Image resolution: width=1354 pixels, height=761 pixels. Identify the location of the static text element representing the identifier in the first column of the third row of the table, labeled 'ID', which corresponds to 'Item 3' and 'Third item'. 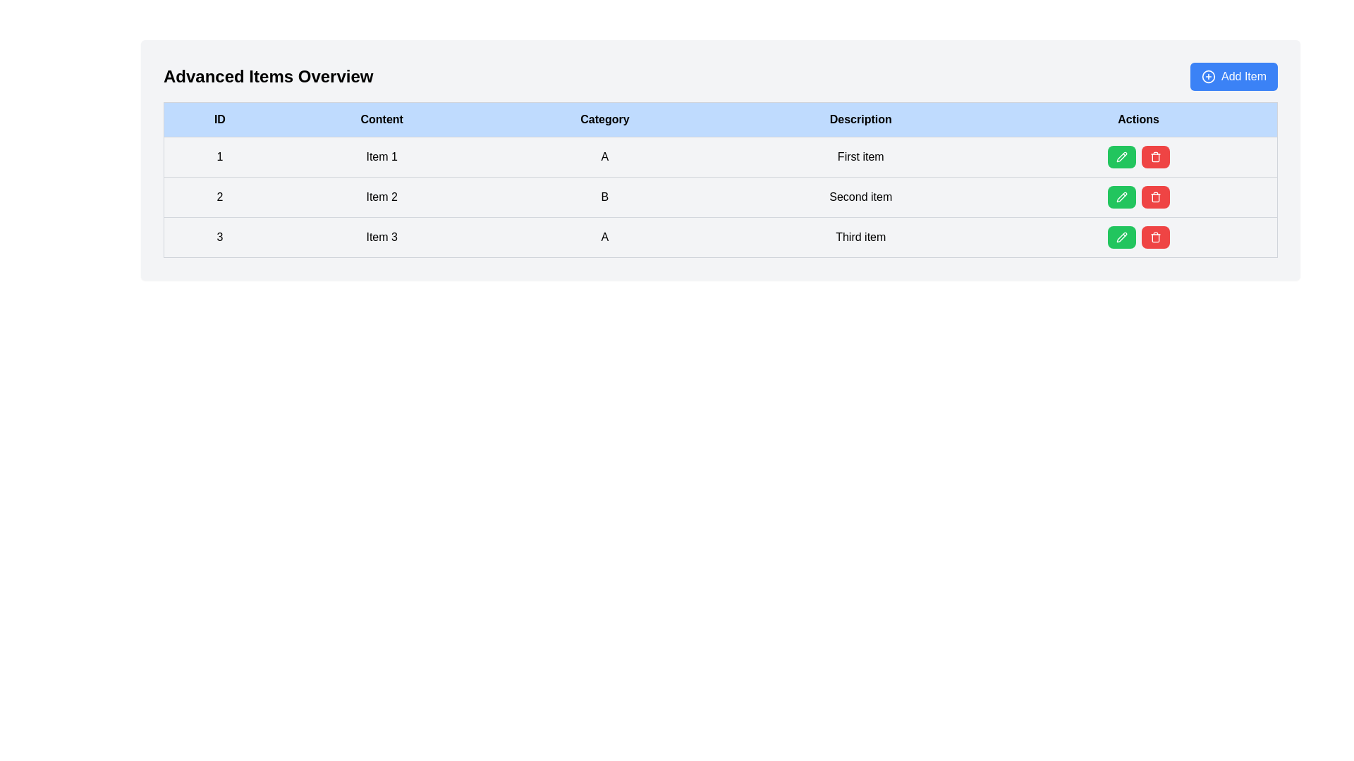
(219, 236).